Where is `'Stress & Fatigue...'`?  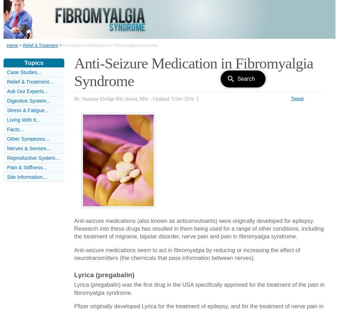
'Stress & Fatigue...' is located at coordinates (28, 110).